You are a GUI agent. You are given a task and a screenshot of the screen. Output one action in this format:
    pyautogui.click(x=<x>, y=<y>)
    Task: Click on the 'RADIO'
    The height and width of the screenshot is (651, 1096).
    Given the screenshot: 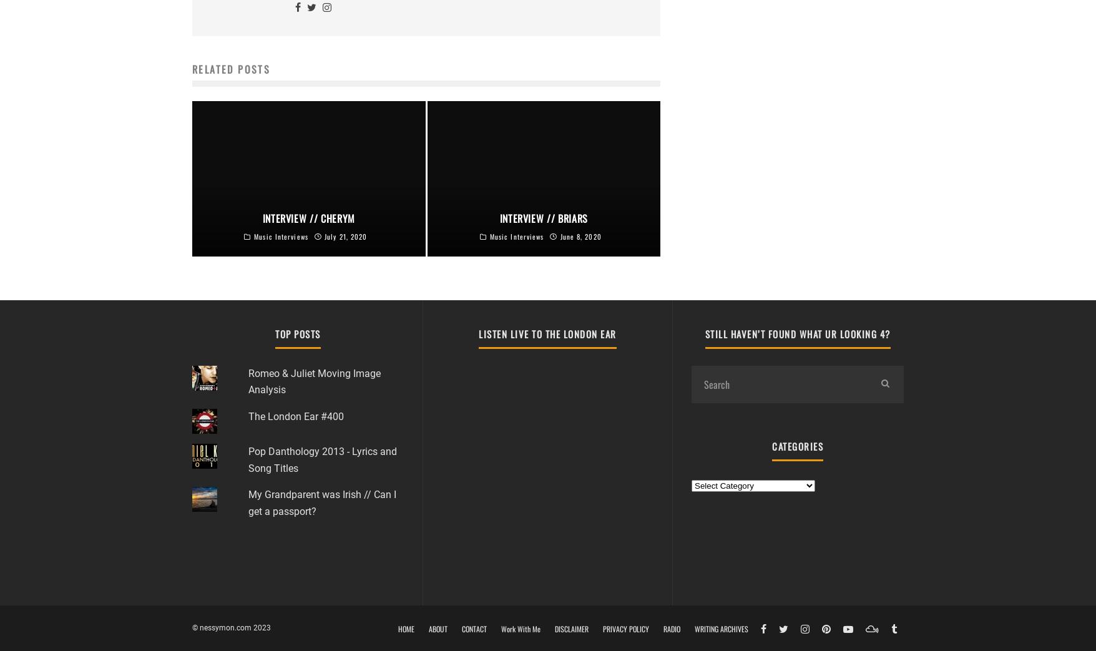 What is the action you would take?
    pyautogui.click(x=671, y=628)
    